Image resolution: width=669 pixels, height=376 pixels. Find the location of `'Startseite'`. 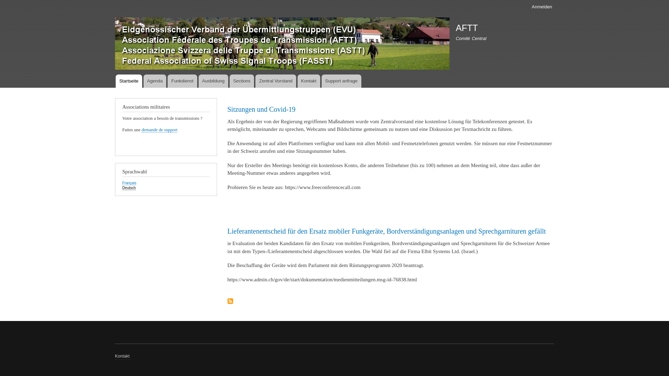

'Startseite' is located at coordinates (129, 80).